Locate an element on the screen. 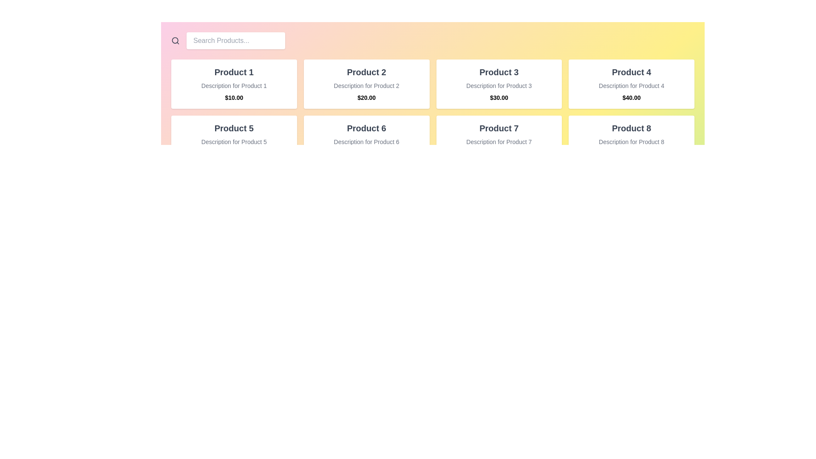  text label displaying 'Product 7' in bold dark gray located at the top of the left-middle product card is located at coordinates (499, 128).